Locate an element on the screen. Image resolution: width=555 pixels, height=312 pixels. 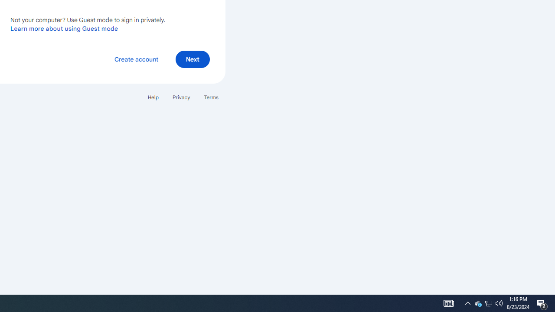
'Create account' is located at coordinates (136, 58).